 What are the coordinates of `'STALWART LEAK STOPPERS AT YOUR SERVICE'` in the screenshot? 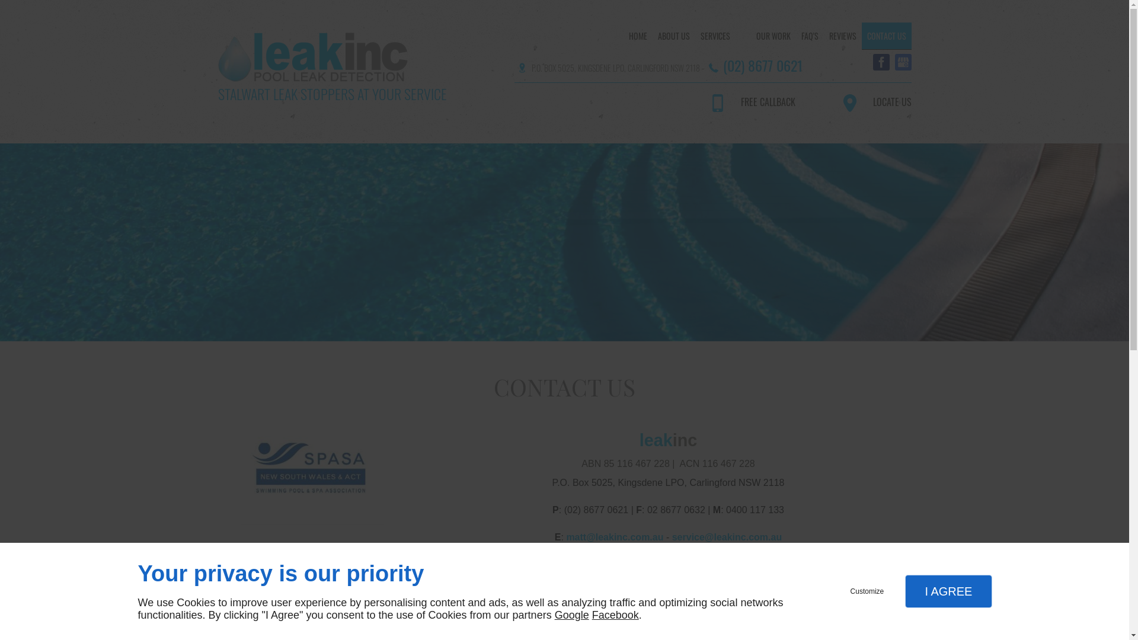 It's located at (218, 69).